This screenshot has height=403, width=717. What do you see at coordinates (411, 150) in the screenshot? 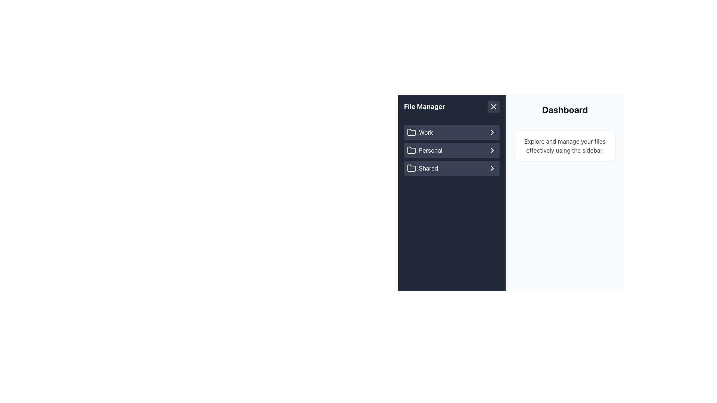
I see `the second folder icon in the 'File Manager' section that represents the 'Personal' category` at bounding box center [411, 150].